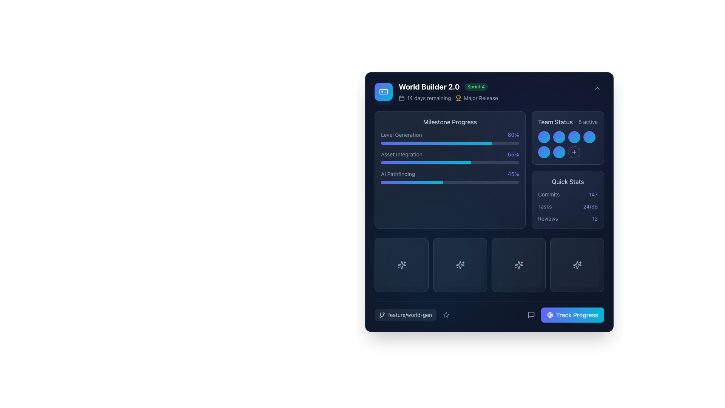  I want to click on the small pill-shaped badge with a green background featuring the text 'Sprint 4', positioned to the right of 'World Builder 2.0', so click(475, 87).